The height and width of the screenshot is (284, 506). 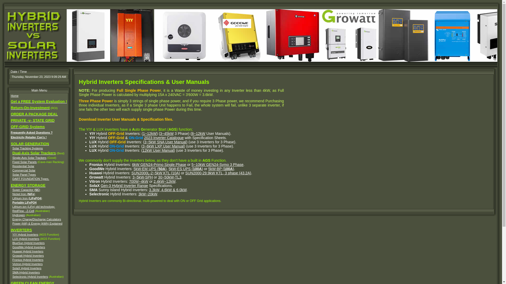 What do you see at coordinates (14, 95) in the screenshot?
I see `'Home'` at bounding box center [14, 95].